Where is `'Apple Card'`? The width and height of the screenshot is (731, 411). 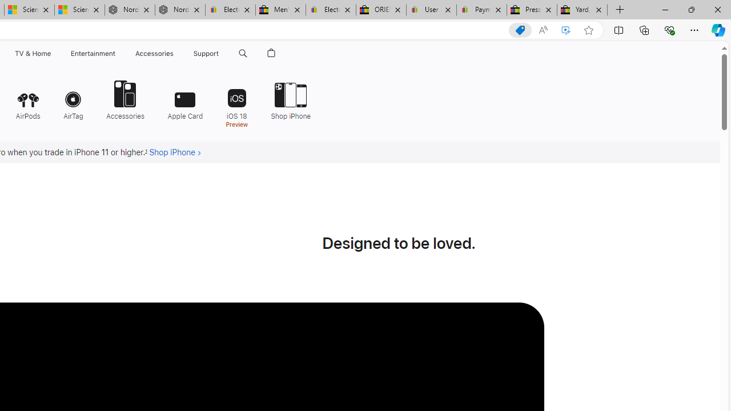 'Apple Card' is located at coordinates (185, 98).